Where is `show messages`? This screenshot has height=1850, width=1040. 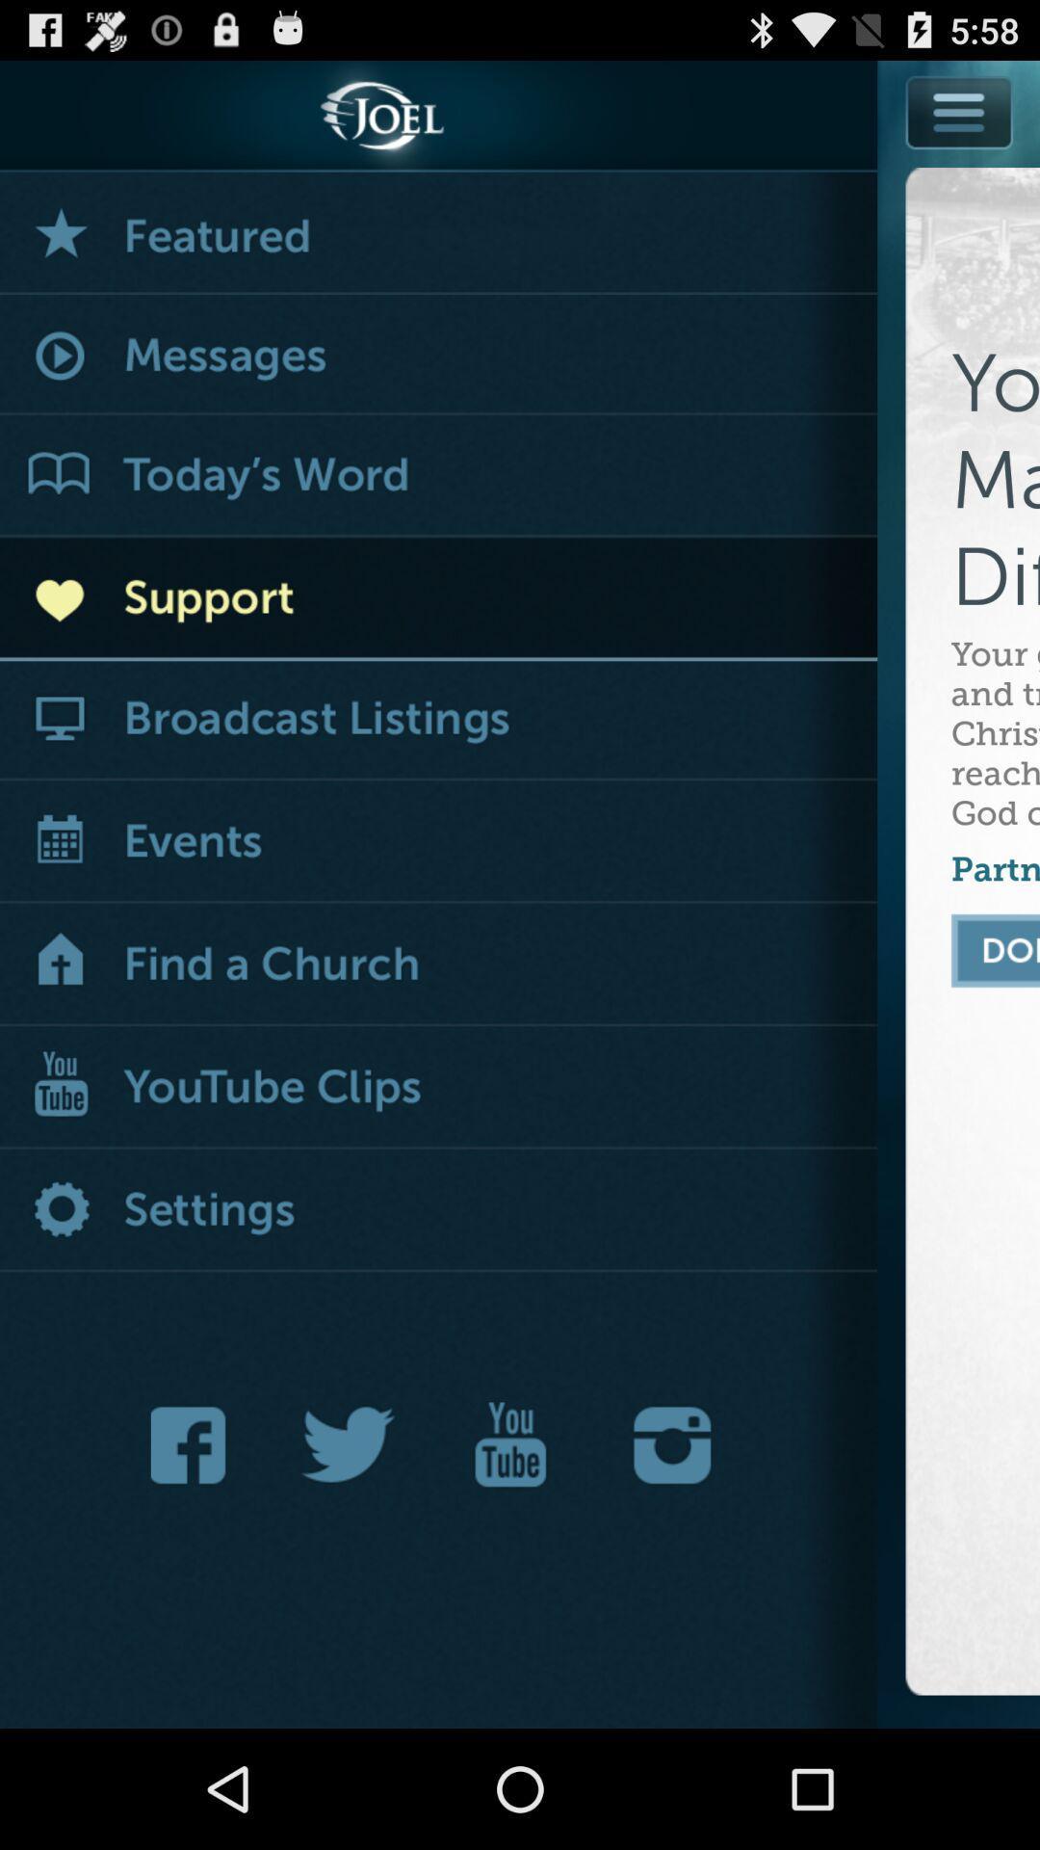
show messages is located at coordinates (438, 356).